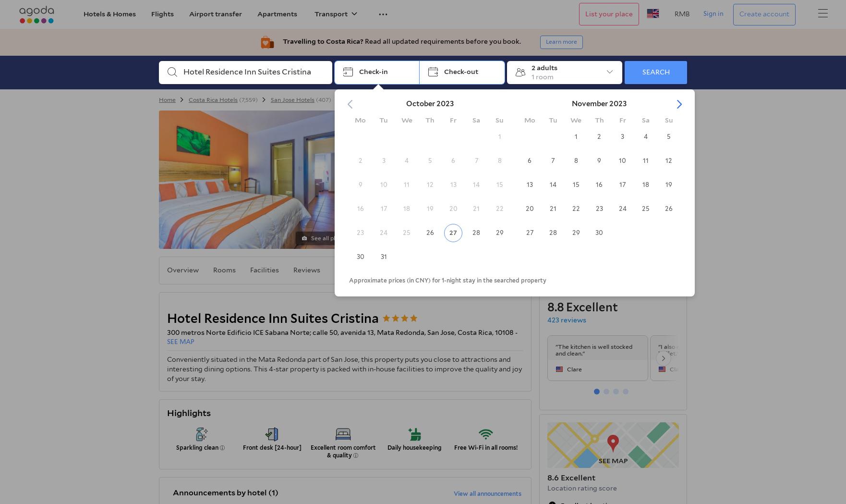 This screenshot has height=504, width=846. What do you see at coordinates (582, 488) in the screenshot?
I see `'Location rating score'` at bounding box center [582, 488].